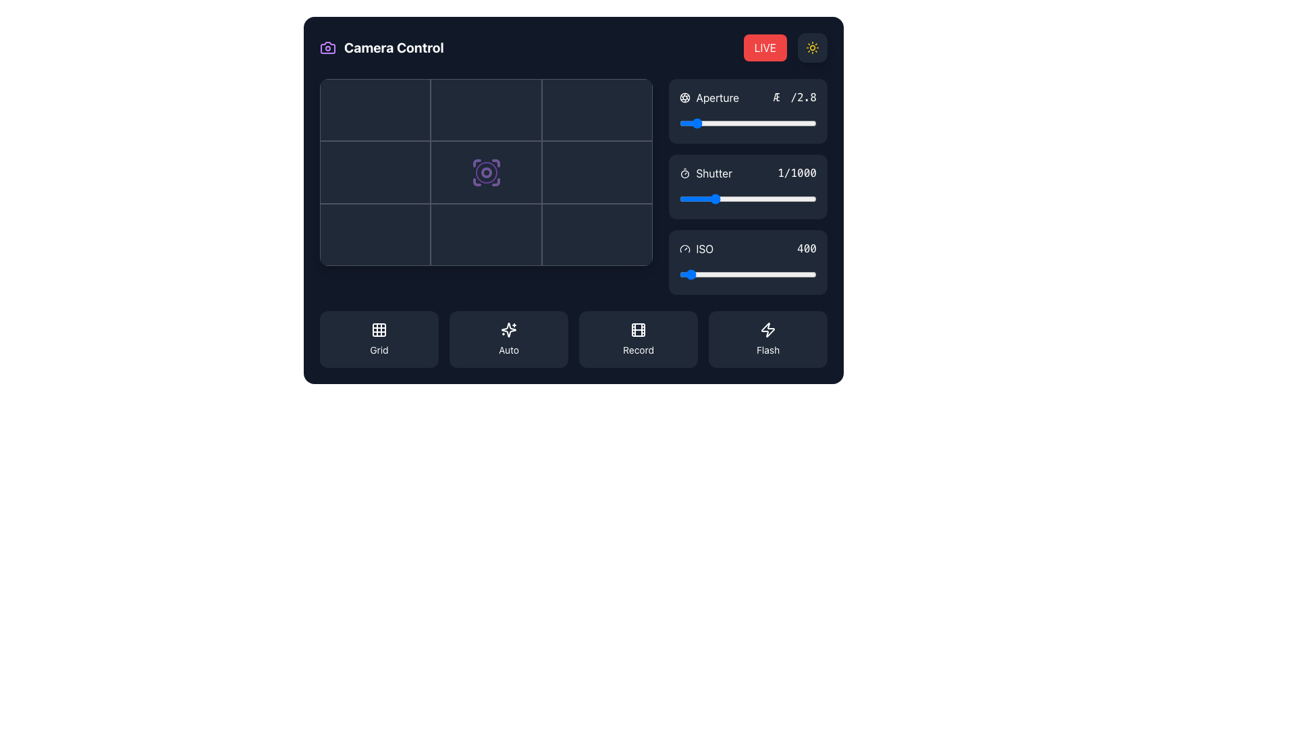 This screenshot has width=1296, height=729. What do you see at coordinates (685, 249) in the screenshot?
I see `the ISO settings icon located to the left of the text 'ISO' in the ISO control component` at bounding box center [685, 249].